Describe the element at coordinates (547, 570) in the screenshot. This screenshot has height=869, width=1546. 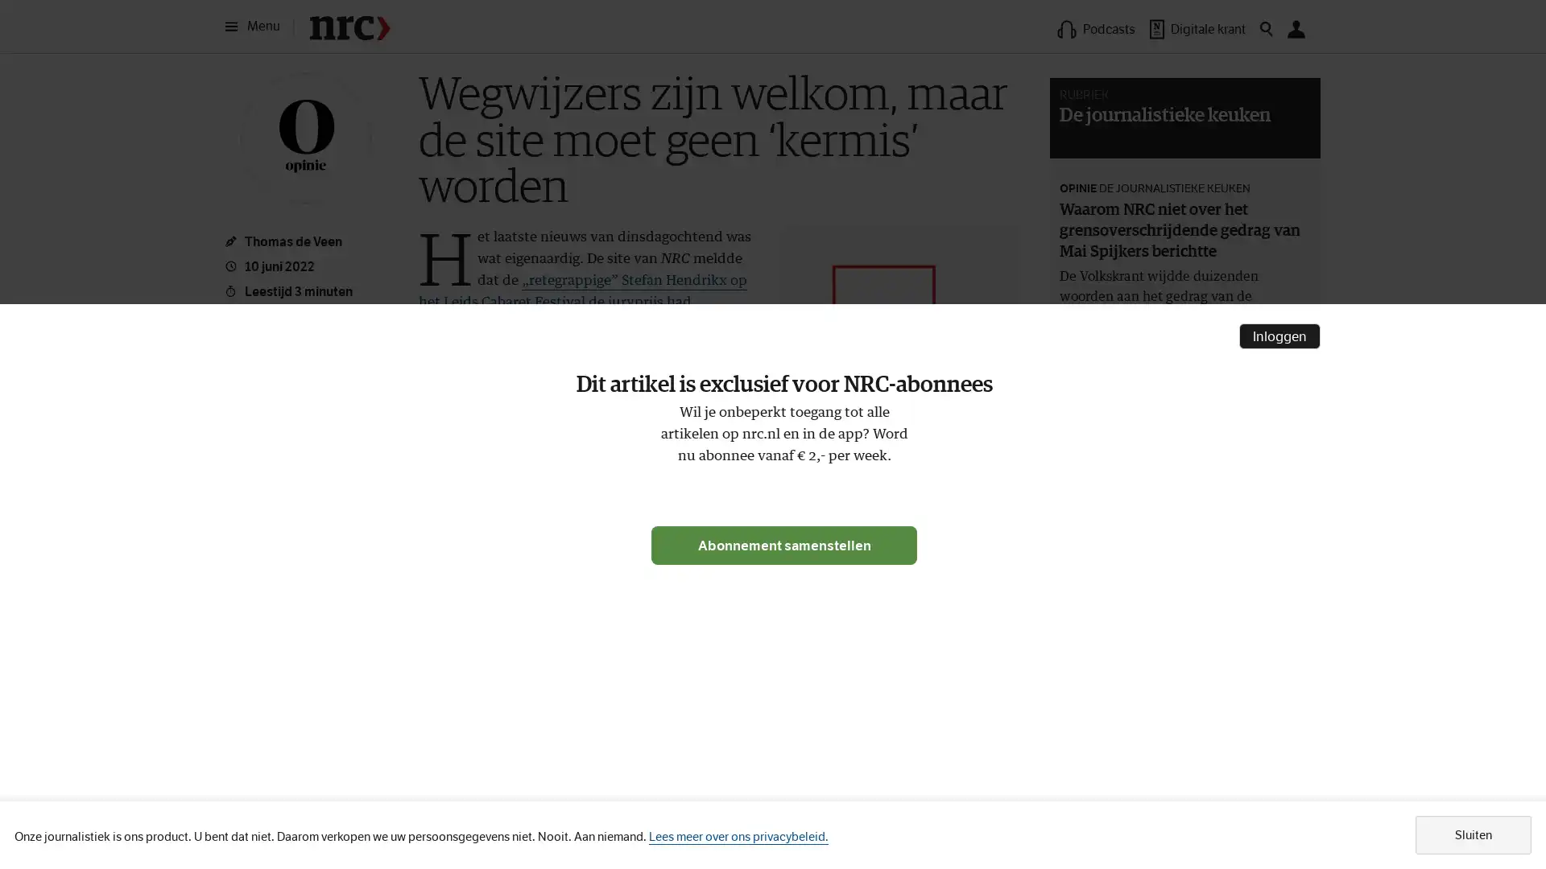
I see `Artikel delen` at that location.